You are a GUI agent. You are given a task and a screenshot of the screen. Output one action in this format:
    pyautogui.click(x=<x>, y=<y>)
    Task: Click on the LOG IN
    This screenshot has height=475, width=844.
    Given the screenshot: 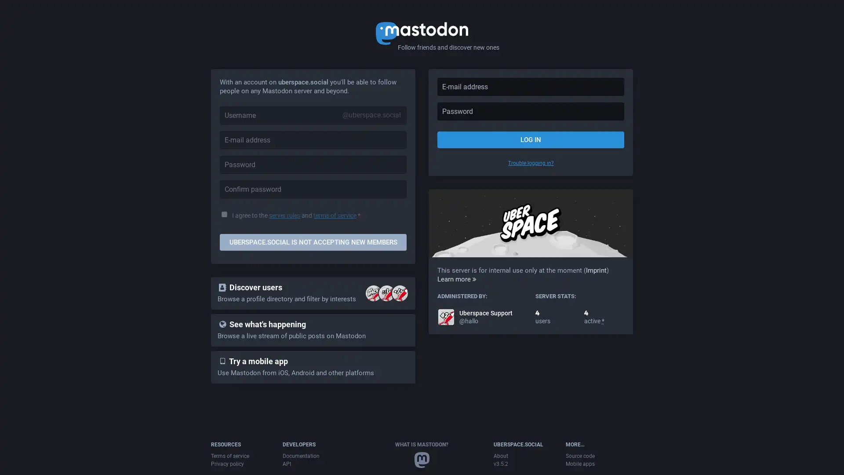 What is the action you would take?
    pyautogui.click(x=530, y=139)
    